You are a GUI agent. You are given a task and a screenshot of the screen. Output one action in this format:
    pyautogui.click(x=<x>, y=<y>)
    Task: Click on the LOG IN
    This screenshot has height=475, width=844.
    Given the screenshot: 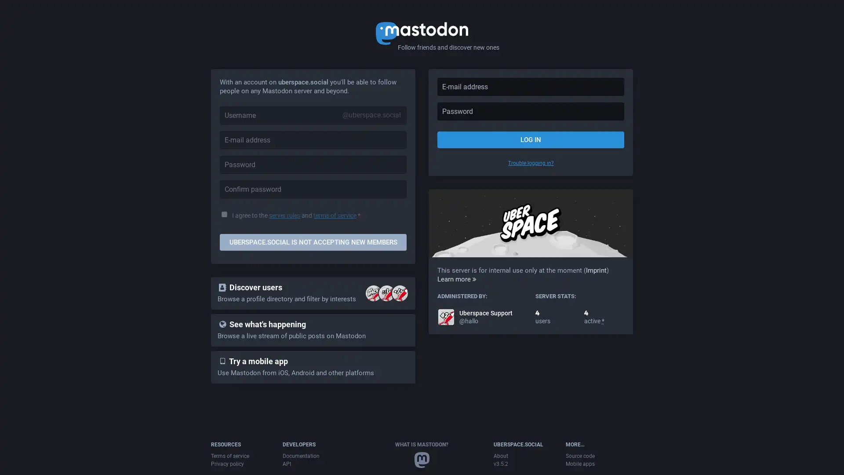 What is the action you would take?
    pyautogui.click(x=530, y=139)
    